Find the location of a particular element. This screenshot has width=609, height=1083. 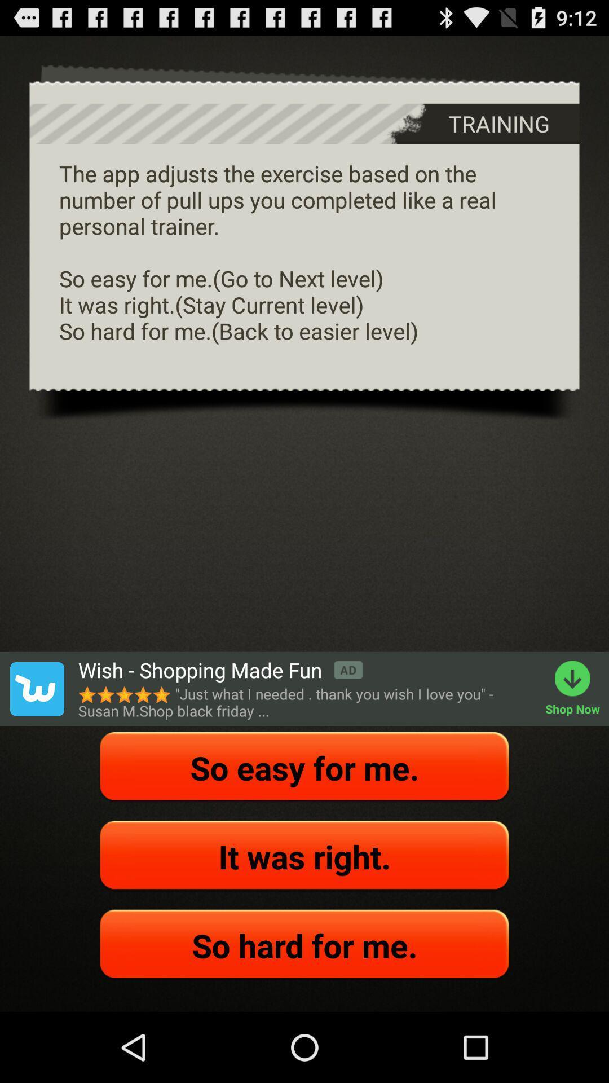

the app below the the app adjusts is located at coordinates (577, 688).